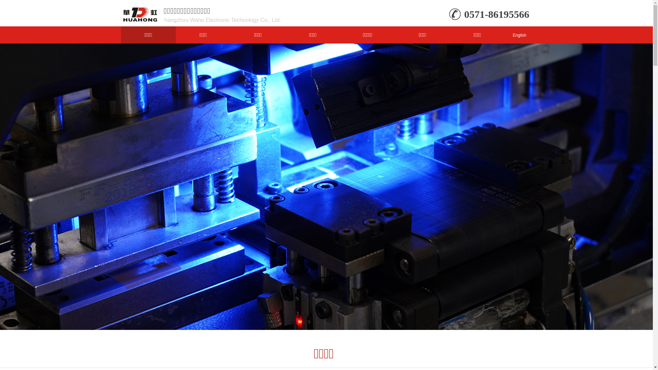 The width and height of the screenshot is (658, 370). I want to click on 'English', so click(520, 35).